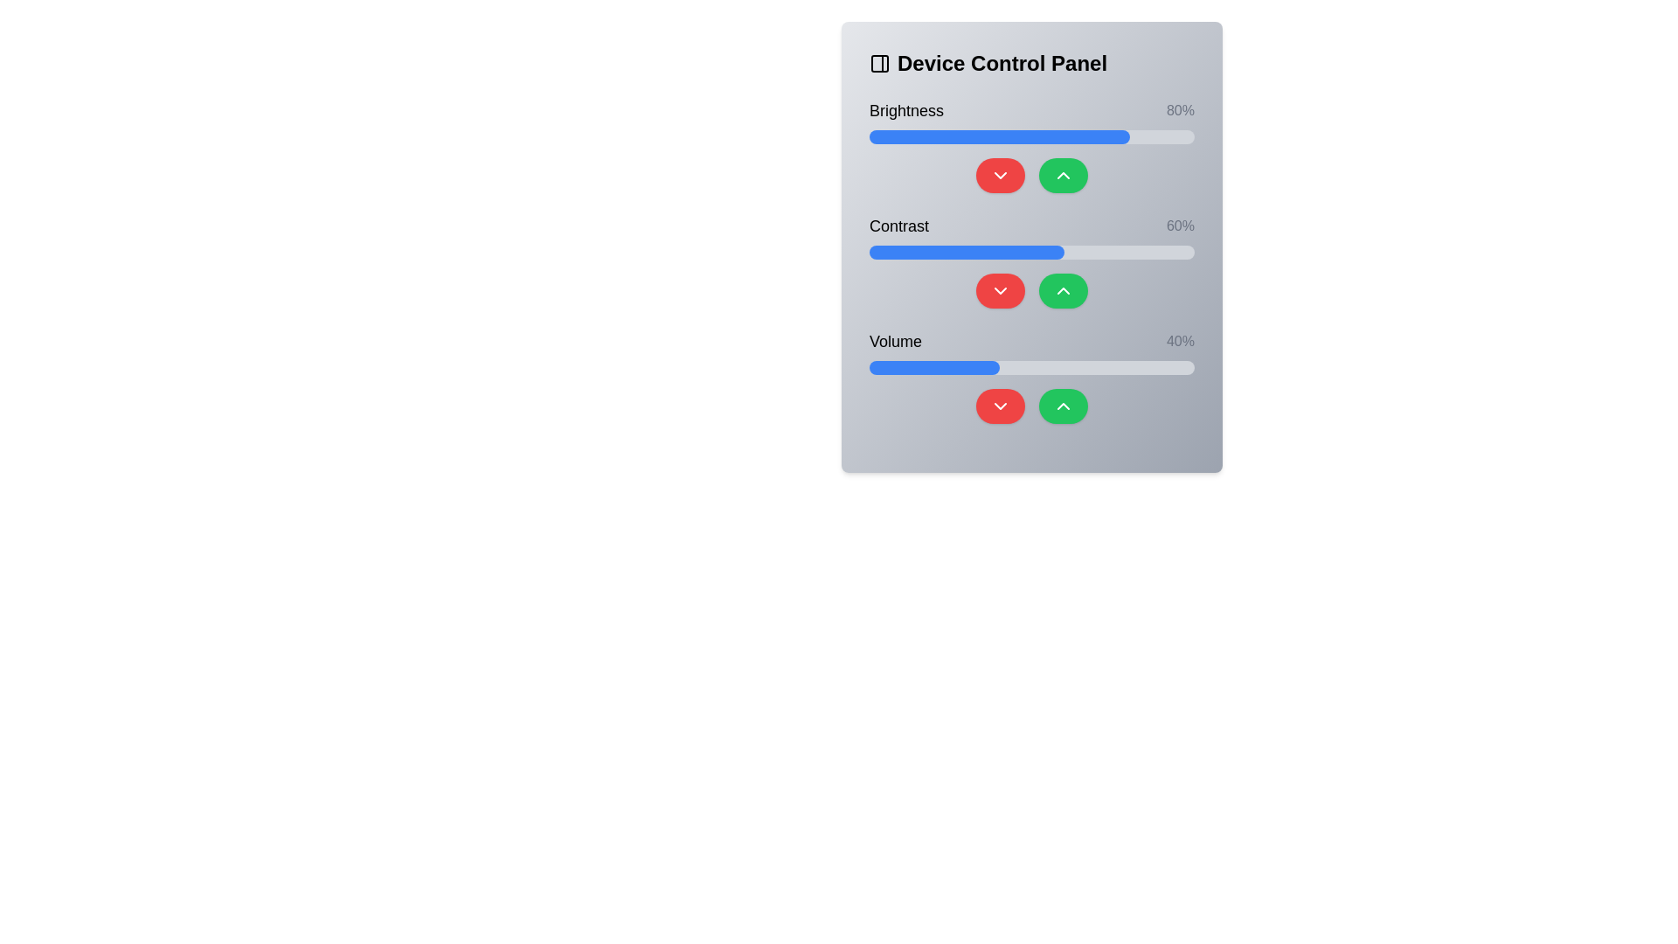  What do you see at coordinates (1161, 253) in the screenshot?
I see `the contrast` at bounding box center [1161, 253].